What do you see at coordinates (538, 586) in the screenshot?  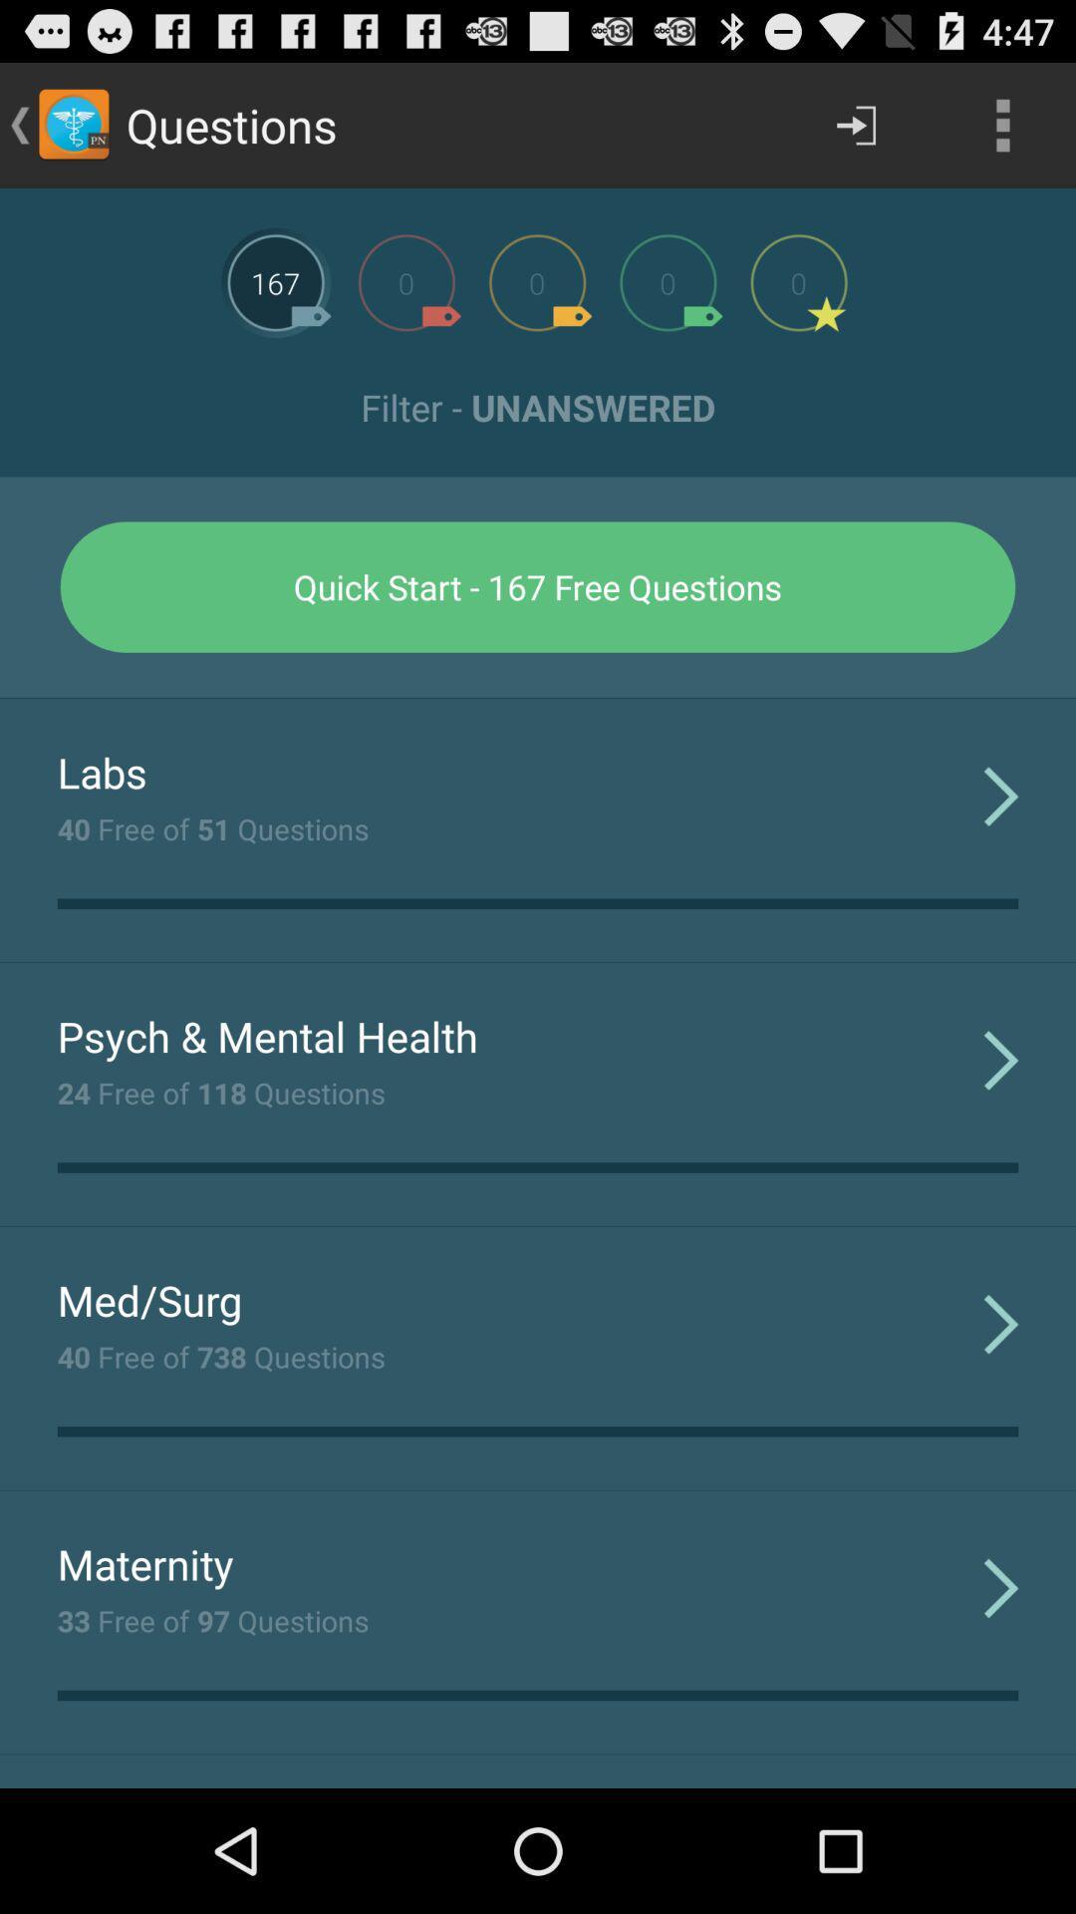 I see `the icon below the filter - unanswered item` at bounding box center [538, 586].